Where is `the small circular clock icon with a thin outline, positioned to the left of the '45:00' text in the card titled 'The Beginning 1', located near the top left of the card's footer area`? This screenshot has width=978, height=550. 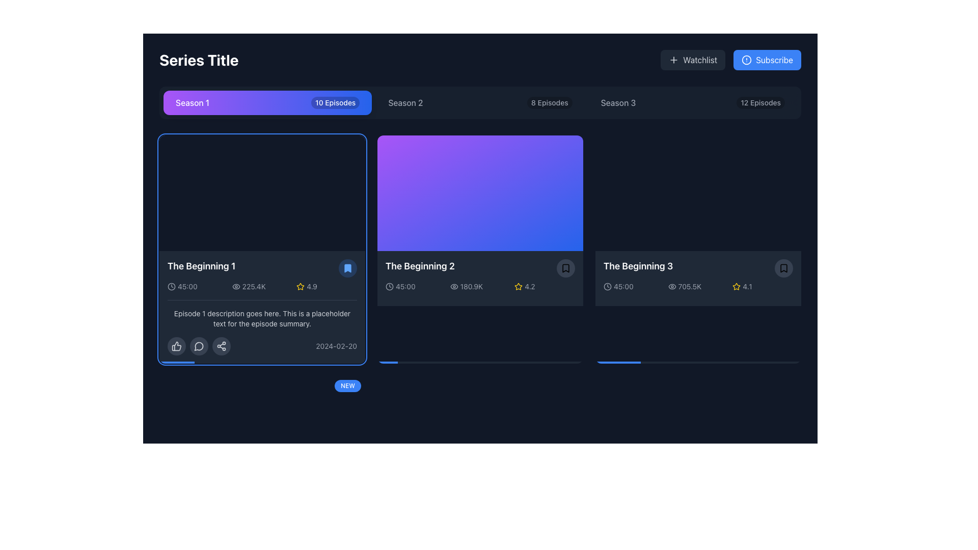 the small circular clock icon with a thin outline, positioned to the left of the '45:00' text in the card titled 'The Beginning 1', located near the top left of the card's footer area is located at coordinates (389, 287).